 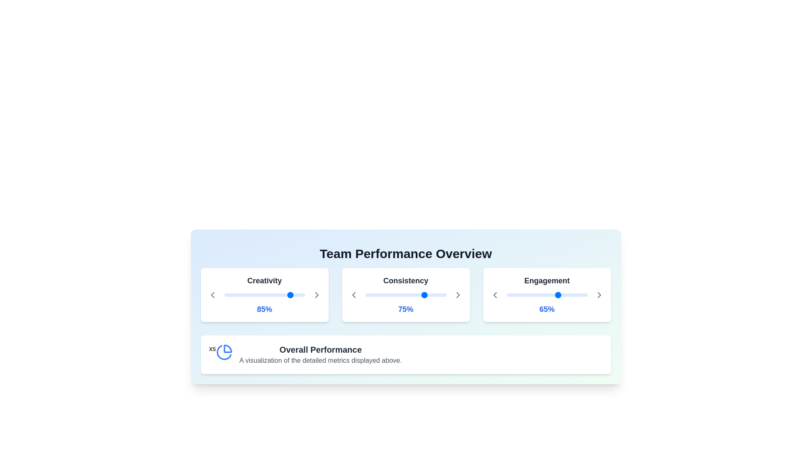 I want to click on engagement, so click(x=562, y=295).